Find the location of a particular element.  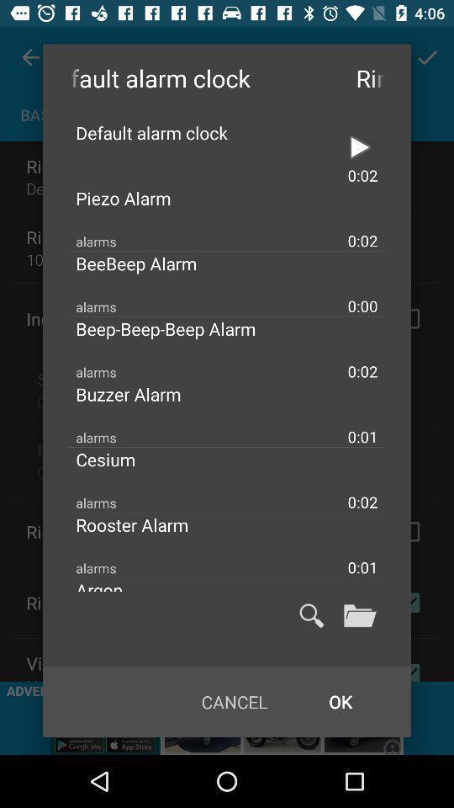

menu is located at coordinates (359, 614).